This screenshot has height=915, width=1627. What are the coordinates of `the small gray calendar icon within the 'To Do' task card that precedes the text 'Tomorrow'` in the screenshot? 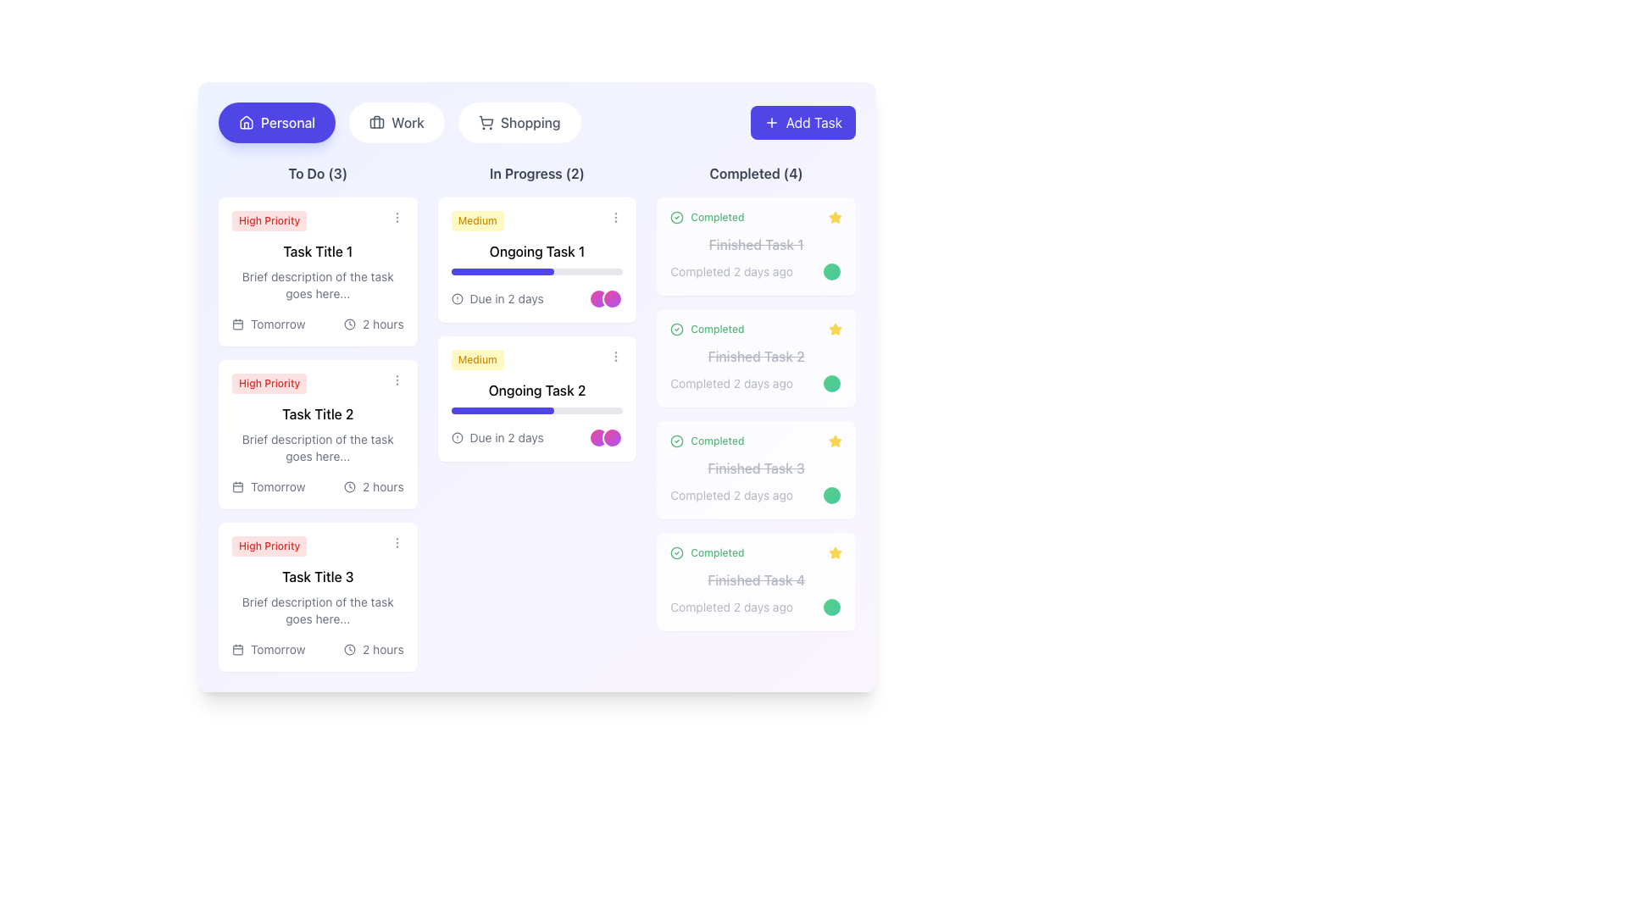 It's located at (237, 486).